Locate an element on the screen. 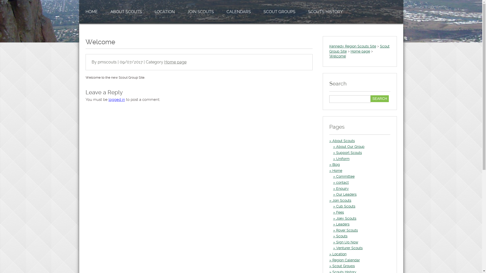 This screenshot has height=273, width=486. 'LOCATION' is located at coordinates (148, 11).